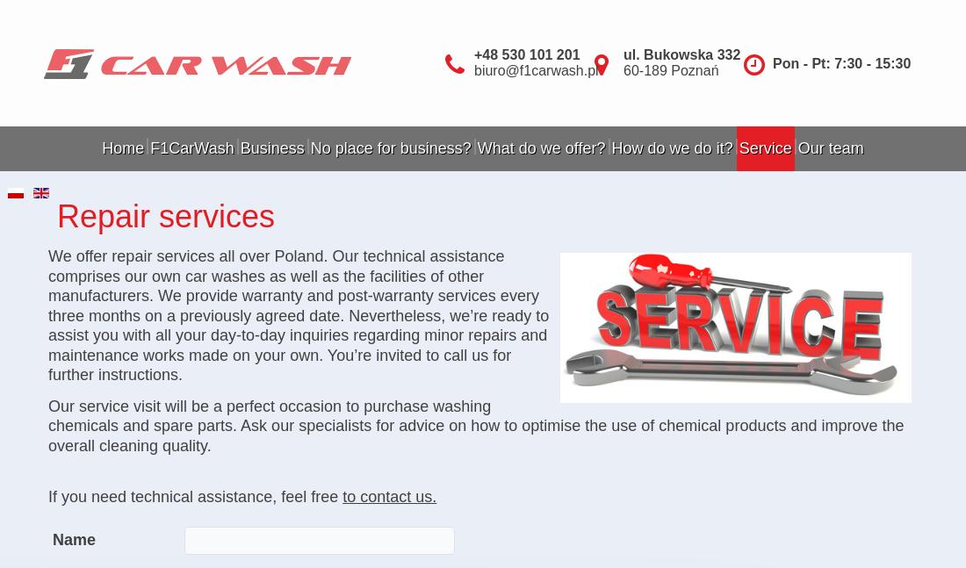  I want to click on 'Repair services', so click(164, 215).